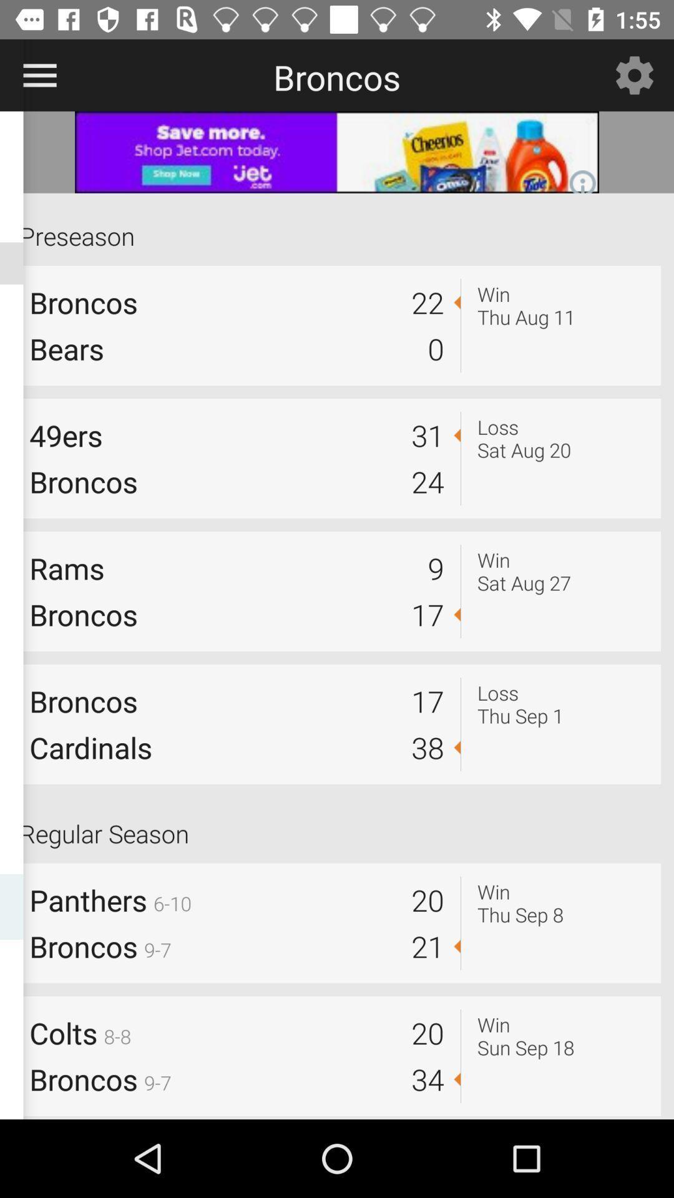 The height and width of the screenshot is (1198, 674). Describe the element at coordinates (337, 152) in the screenshot. I see `the advertisement` at that location.